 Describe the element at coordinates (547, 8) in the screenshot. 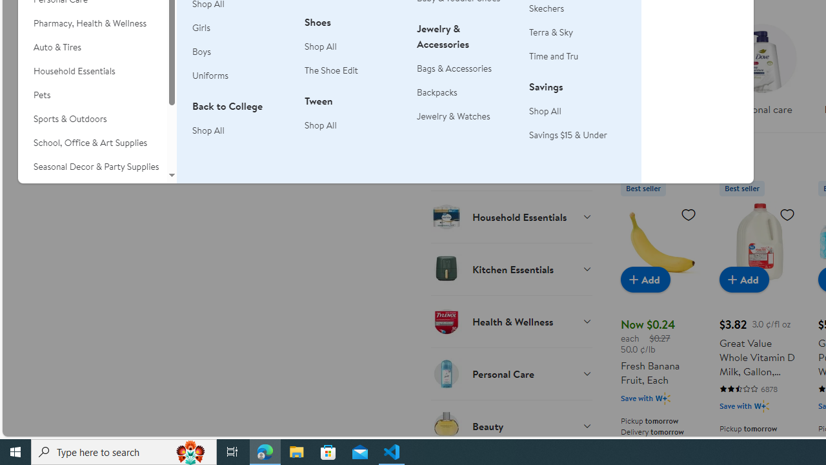

I see `'Skechers'` at that location.